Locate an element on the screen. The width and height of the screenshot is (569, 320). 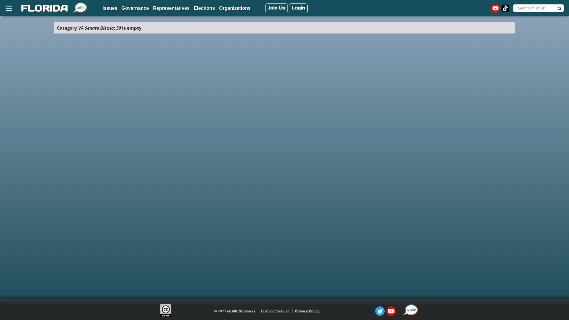
'Governance' is located at coordinates (119, 9).